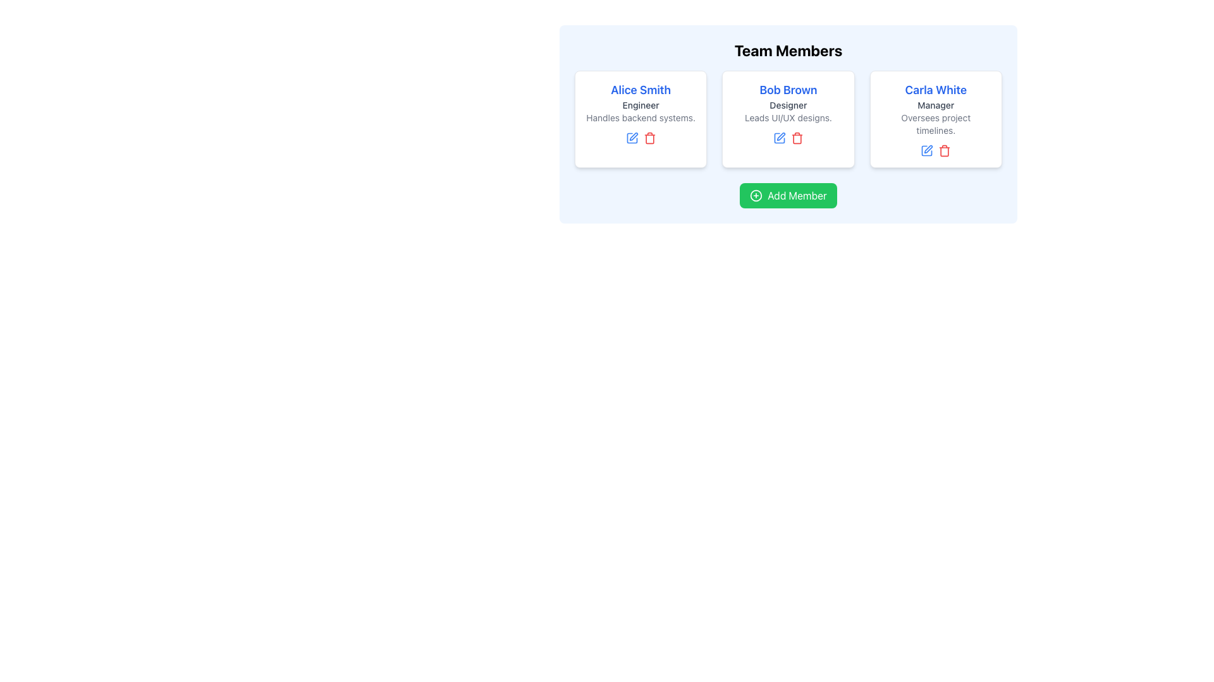  I want to click on the text label styled in gray, positioned beneath 'Carla White' and above the description text 'Oversees project timelines.', so click(936, 104).